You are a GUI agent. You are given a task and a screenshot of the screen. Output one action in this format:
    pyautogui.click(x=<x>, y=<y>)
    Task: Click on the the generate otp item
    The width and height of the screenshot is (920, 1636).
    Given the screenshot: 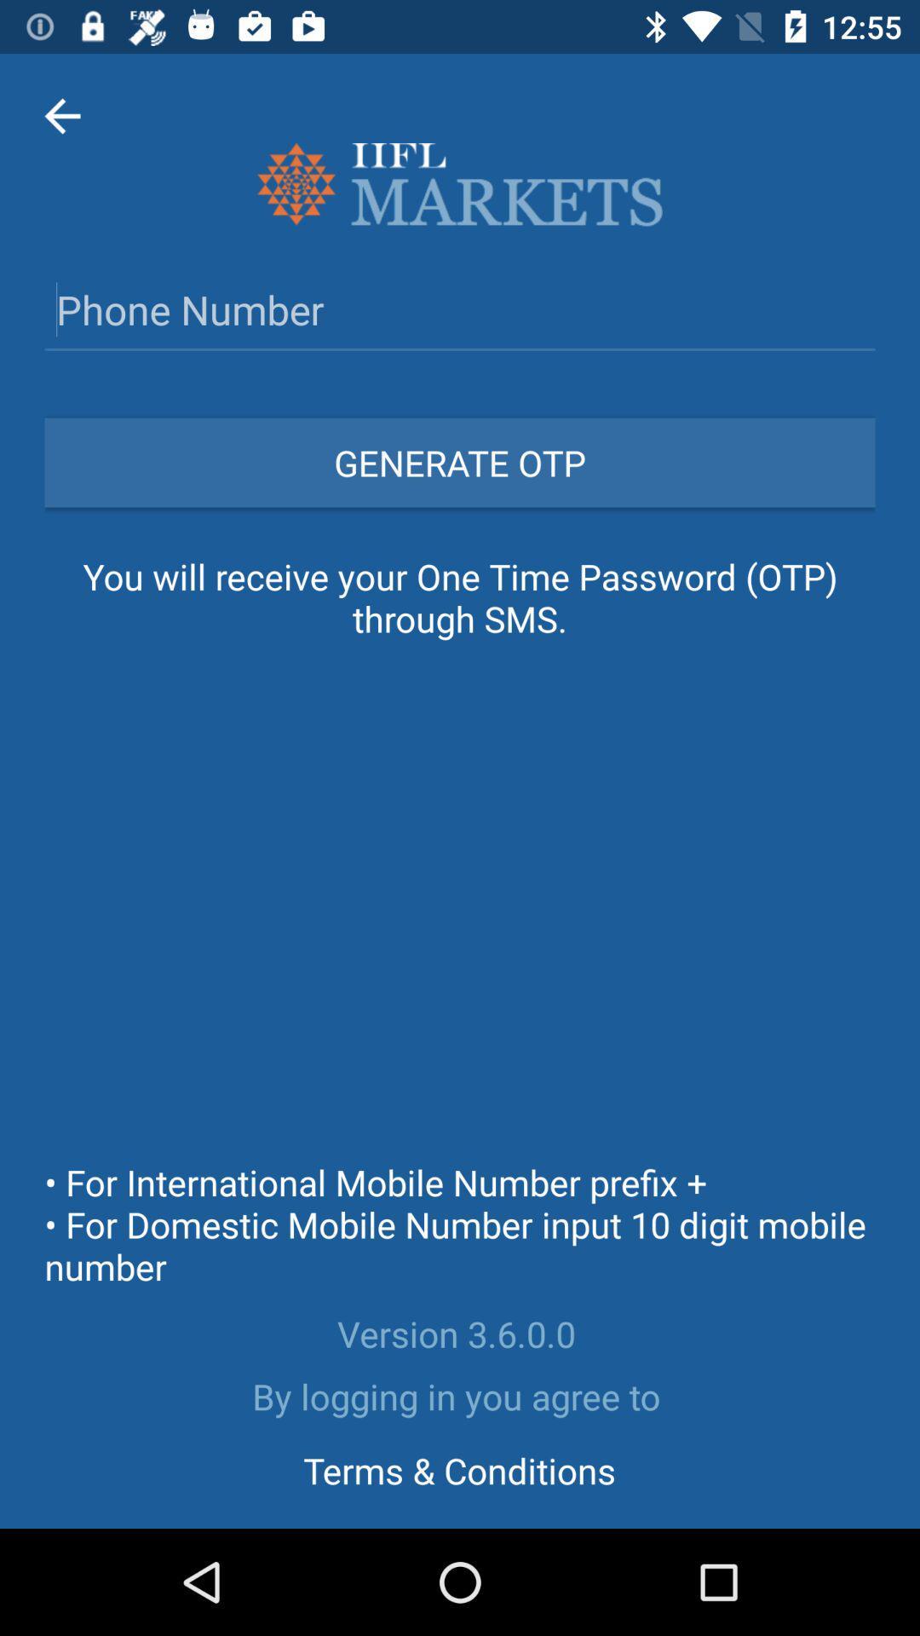 What is the action you would take?
    pyautogui.click(x=460, y=462)
    